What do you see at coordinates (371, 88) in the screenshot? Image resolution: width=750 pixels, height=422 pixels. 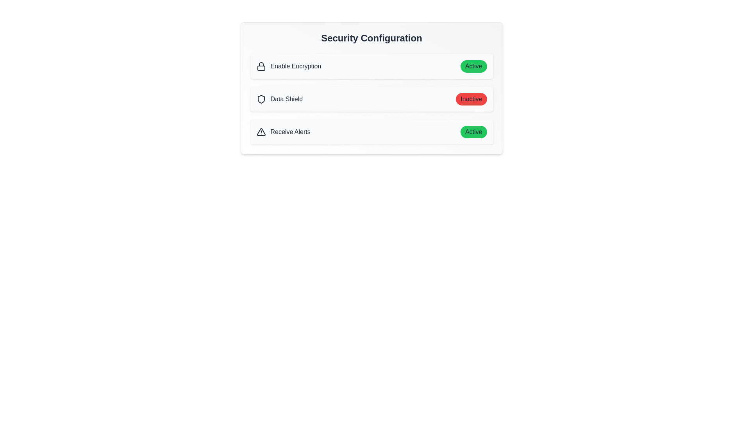 I see `the 'Data Shield' status card component located in the 'Security Configuration' section` at bounding box center [371, 88].